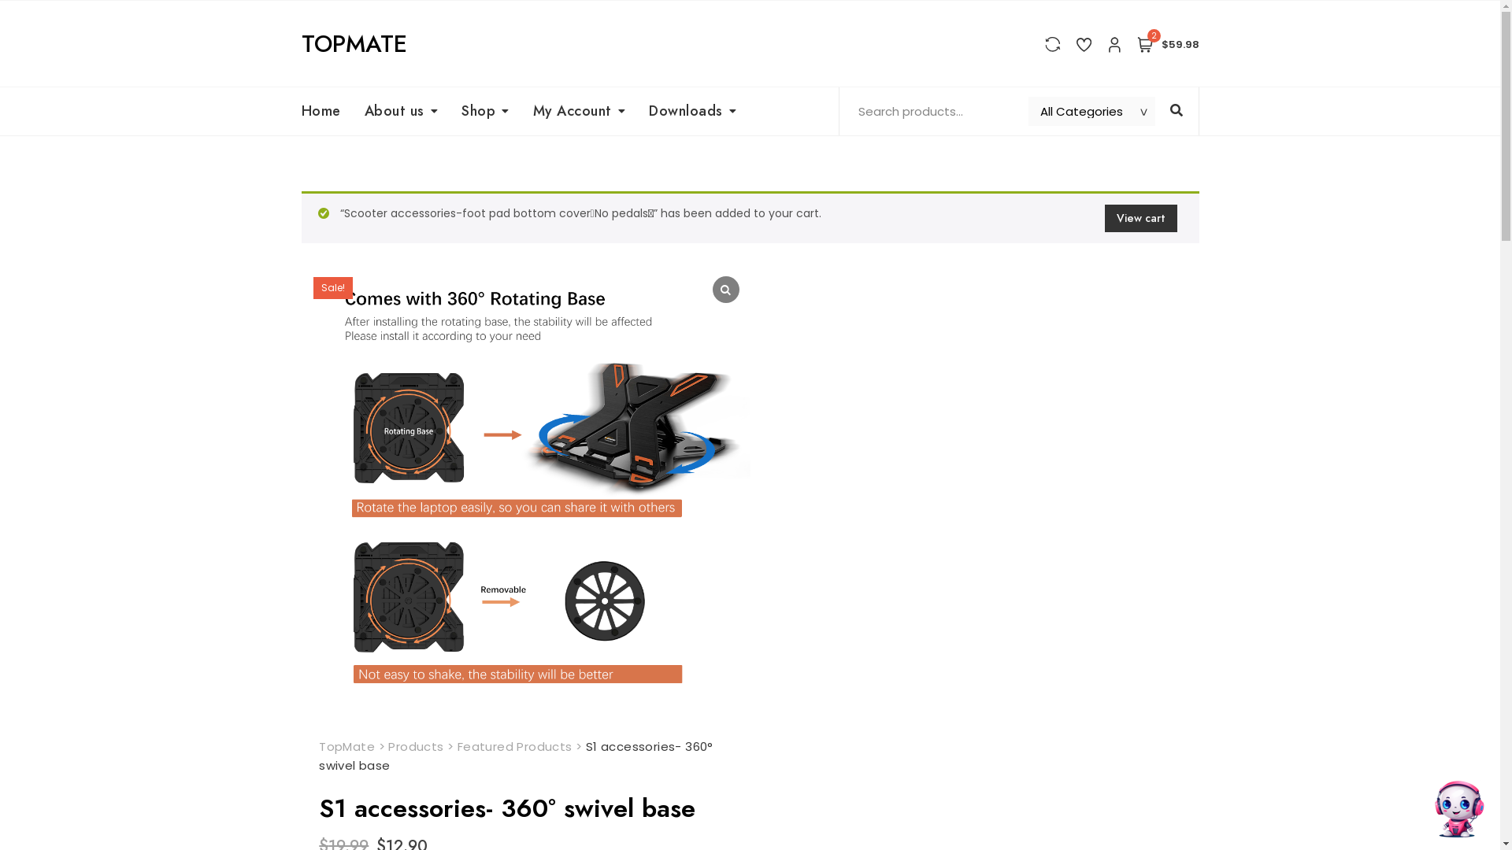  I want to click on 'View cart', so click(1140, 218).